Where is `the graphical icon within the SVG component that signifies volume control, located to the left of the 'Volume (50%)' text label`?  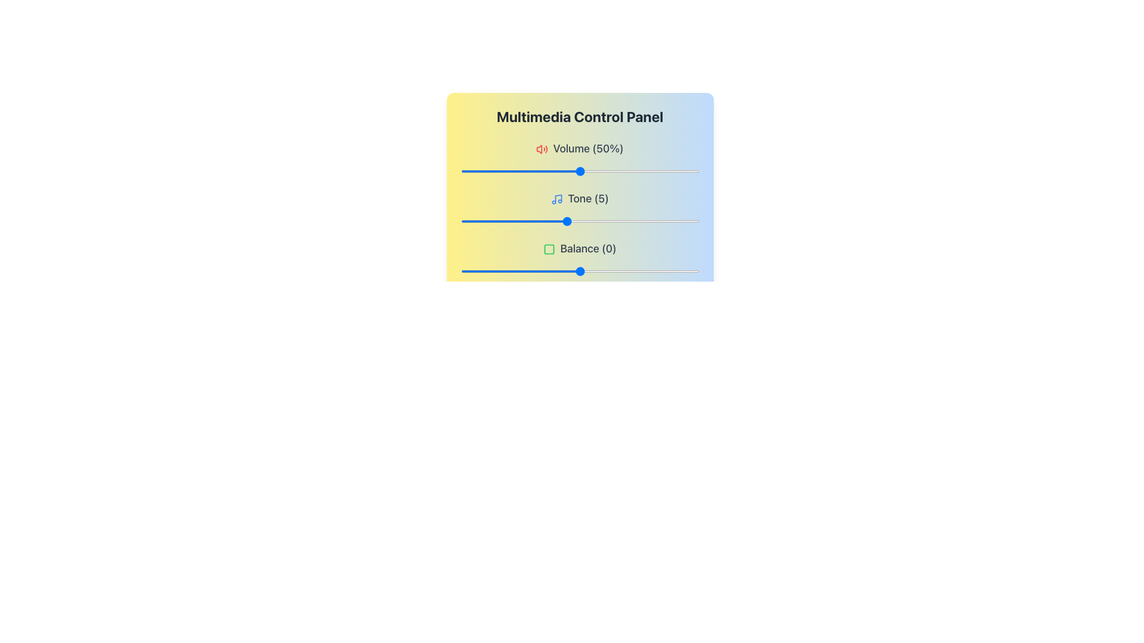 the graphical icon within the SVG component that signifies volume control, located to the left of the 'Volume (50%)' text label is located at coordinates (539, 149).